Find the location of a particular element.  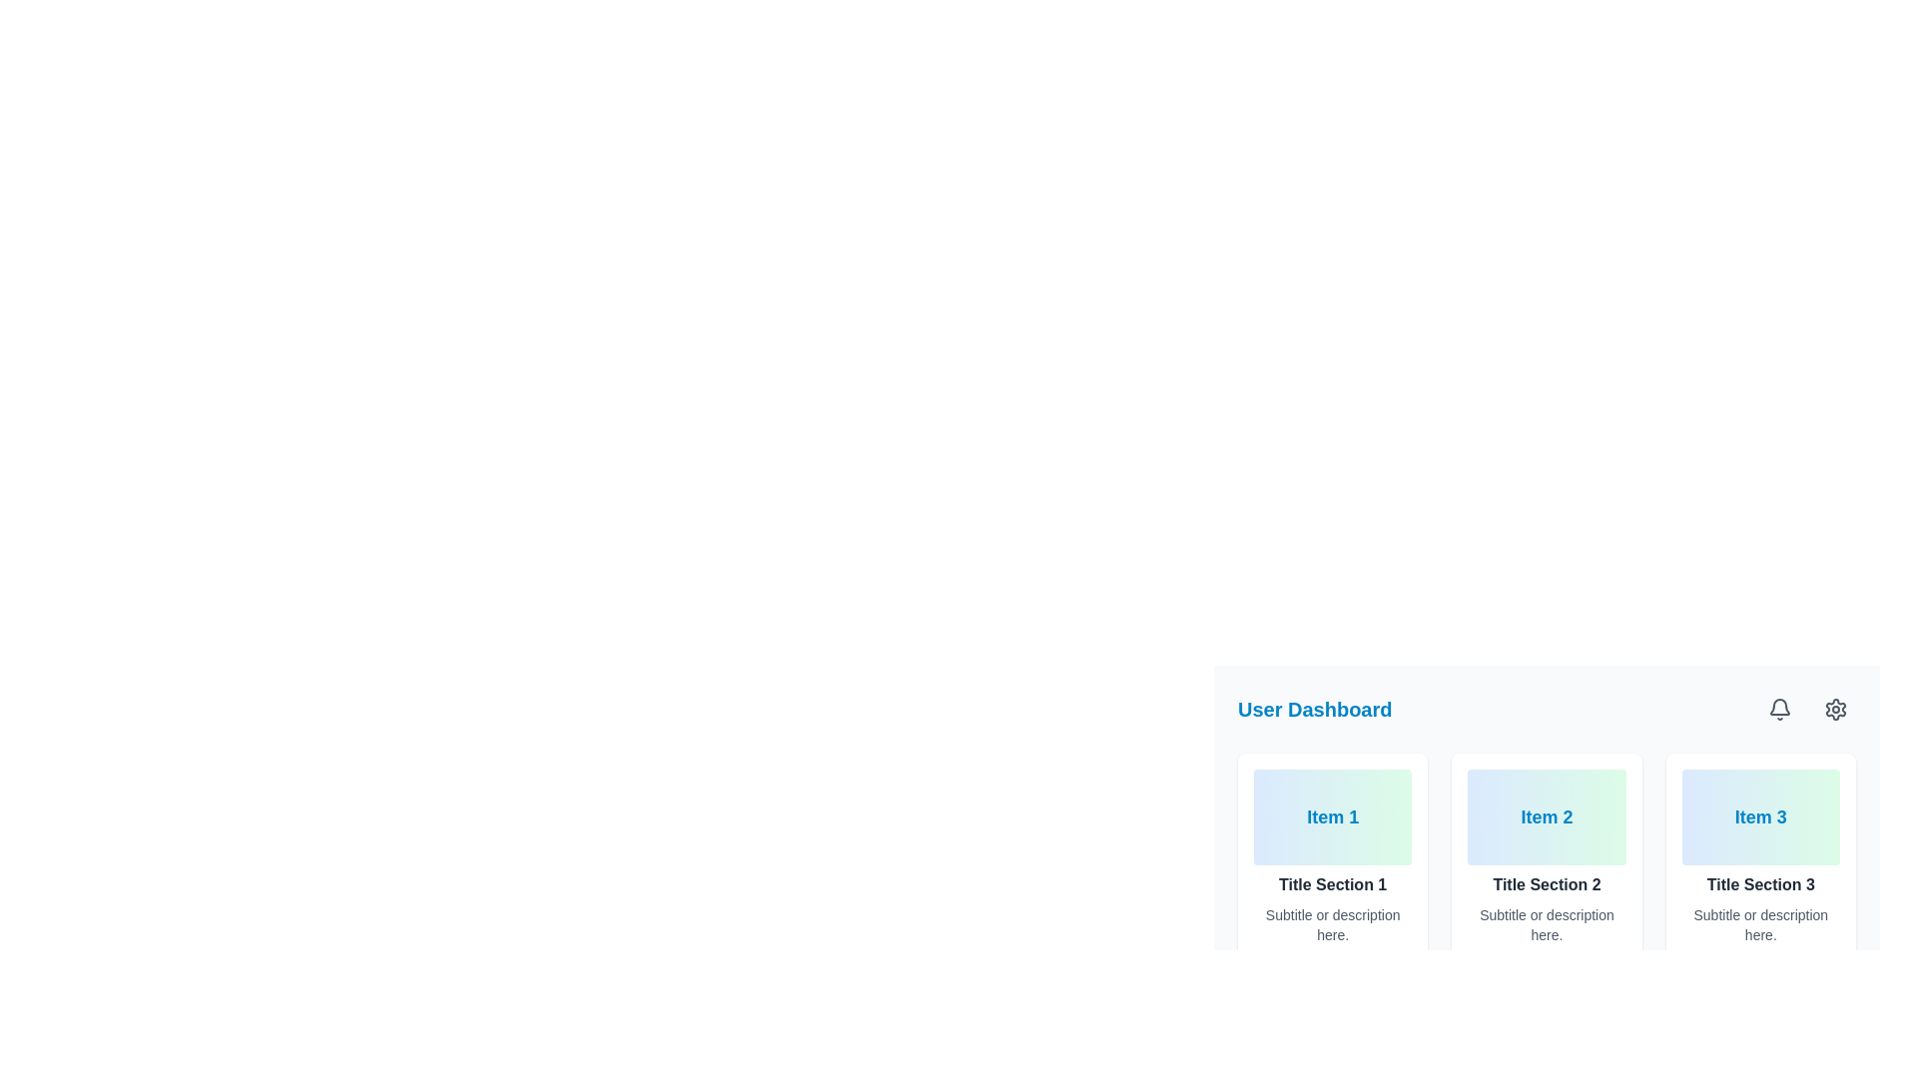

keyboard navigation is located at coordinates (1835, 708).